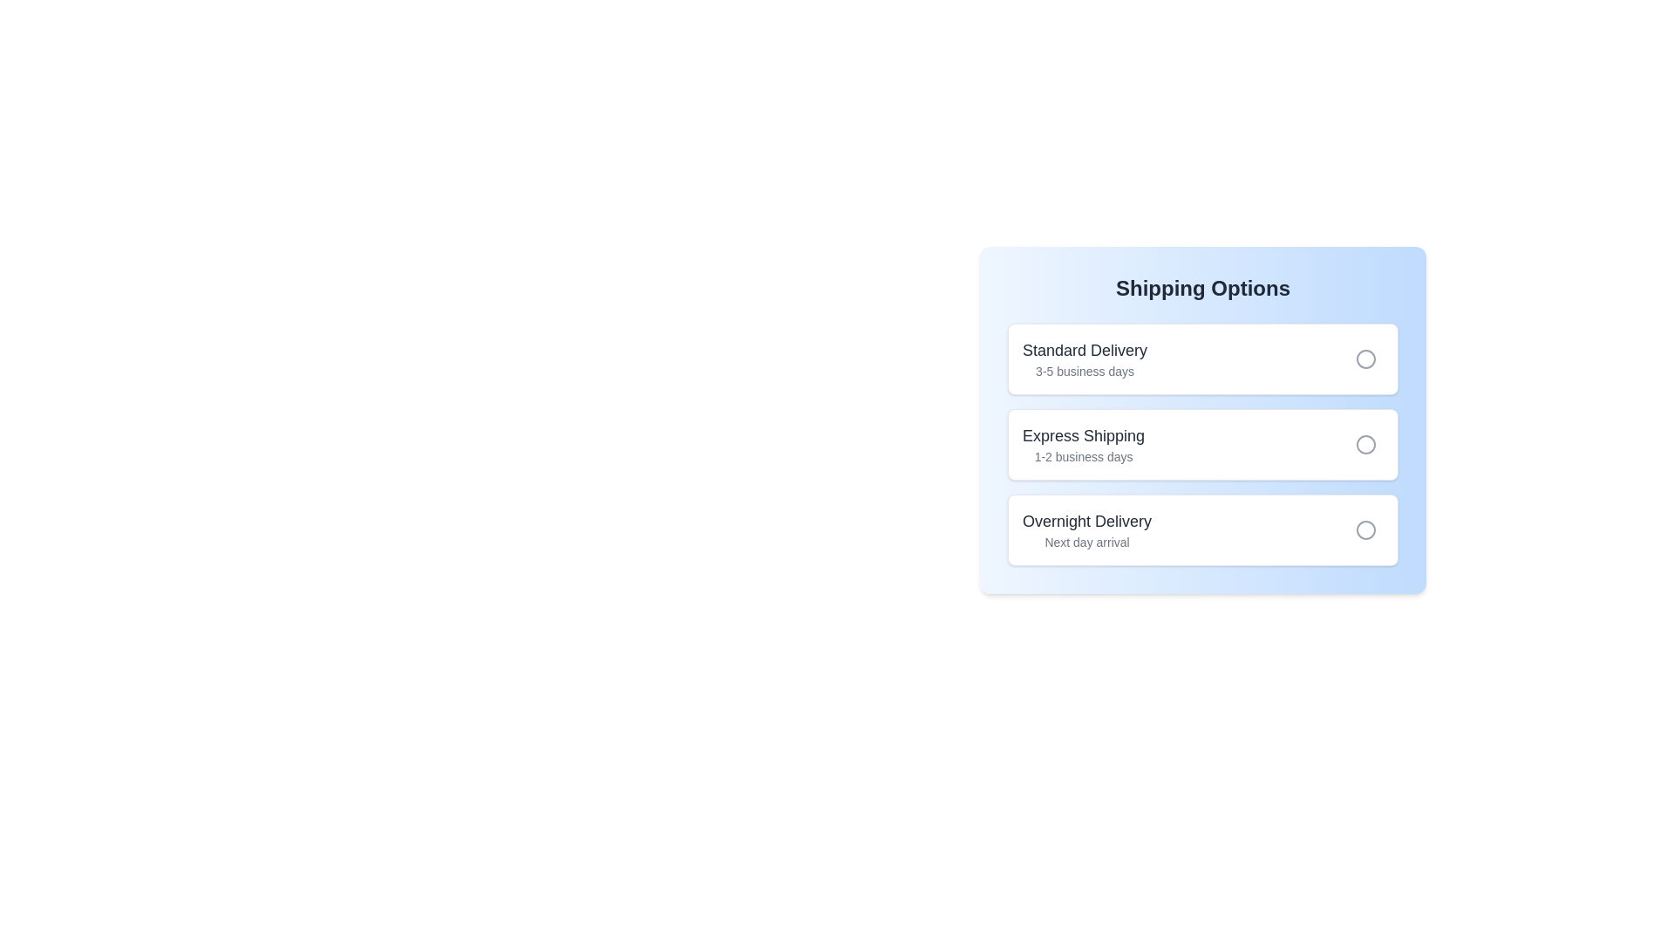 This screenshot has height=942, width=1674. Describe the element at coordinates (1202, 443) in the screenshot. I see `the circular selection indicator on the second delivery option card in the list of shipping options` at that location.